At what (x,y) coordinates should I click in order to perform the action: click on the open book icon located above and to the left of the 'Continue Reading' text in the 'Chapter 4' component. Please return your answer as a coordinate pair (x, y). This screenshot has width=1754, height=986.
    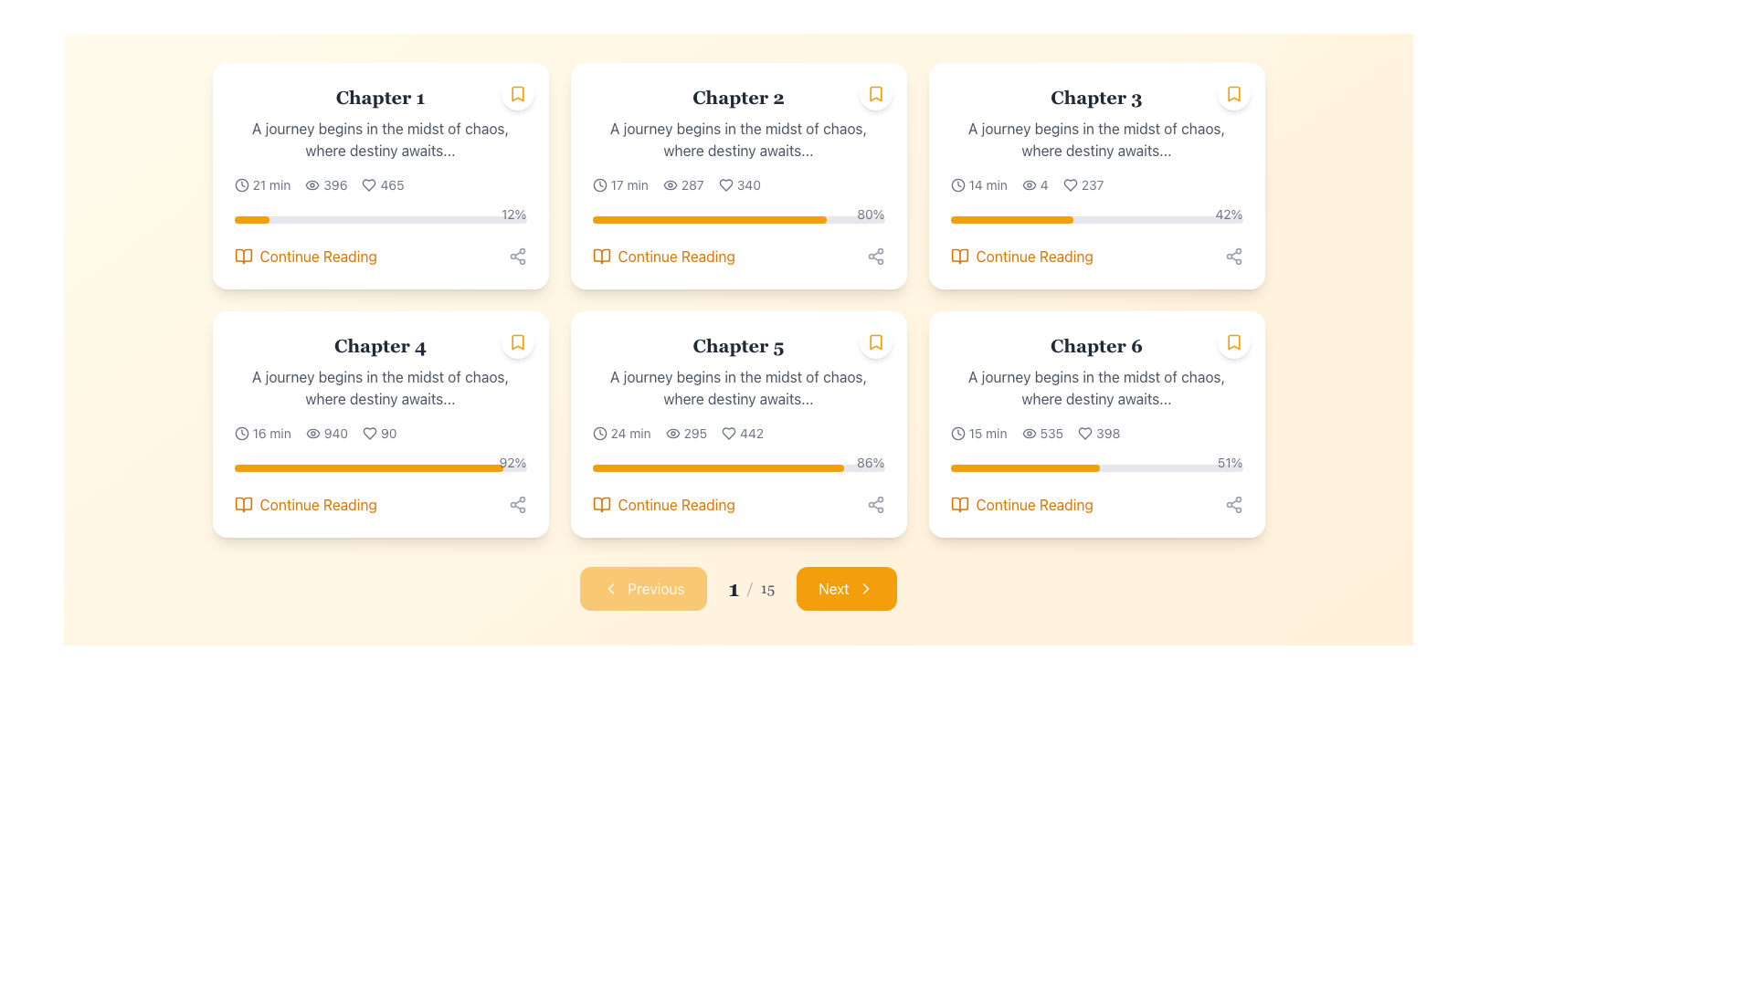
    Looking at the image, I should click on (242, 504).